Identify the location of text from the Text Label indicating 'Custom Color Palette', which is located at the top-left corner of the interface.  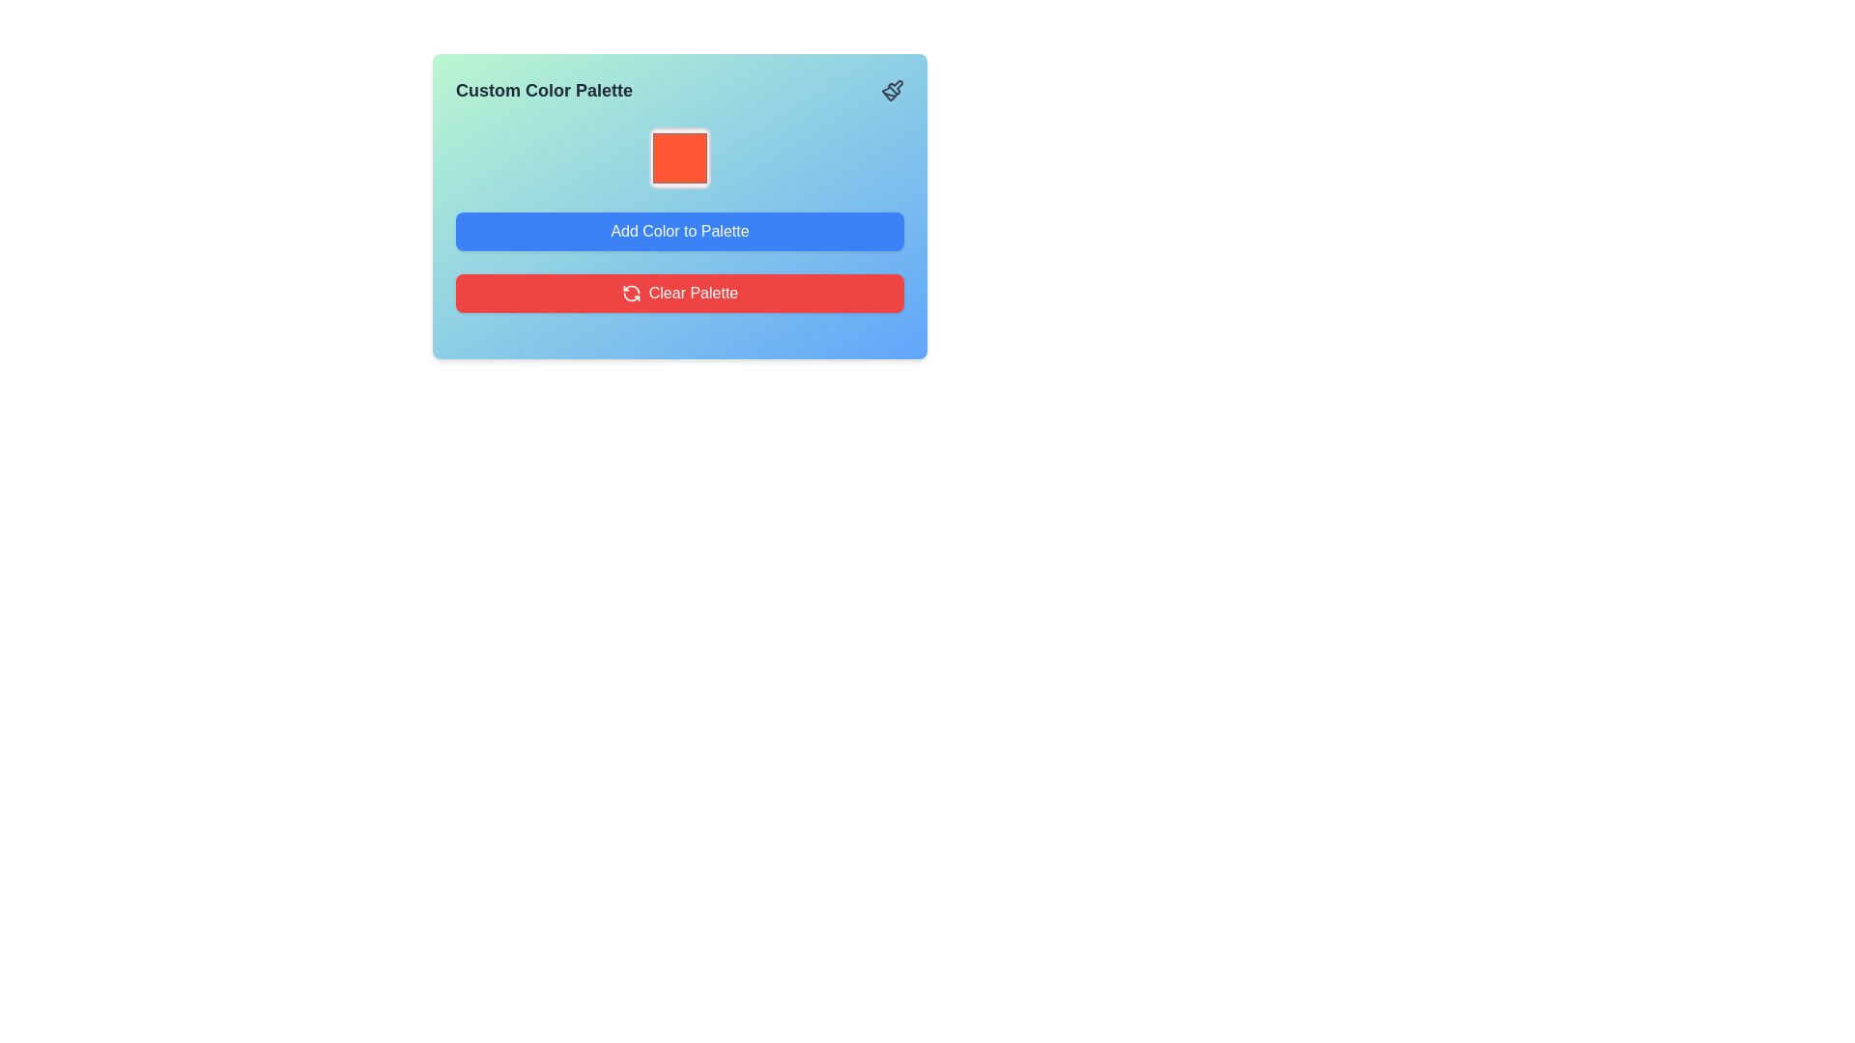
(543, 90).